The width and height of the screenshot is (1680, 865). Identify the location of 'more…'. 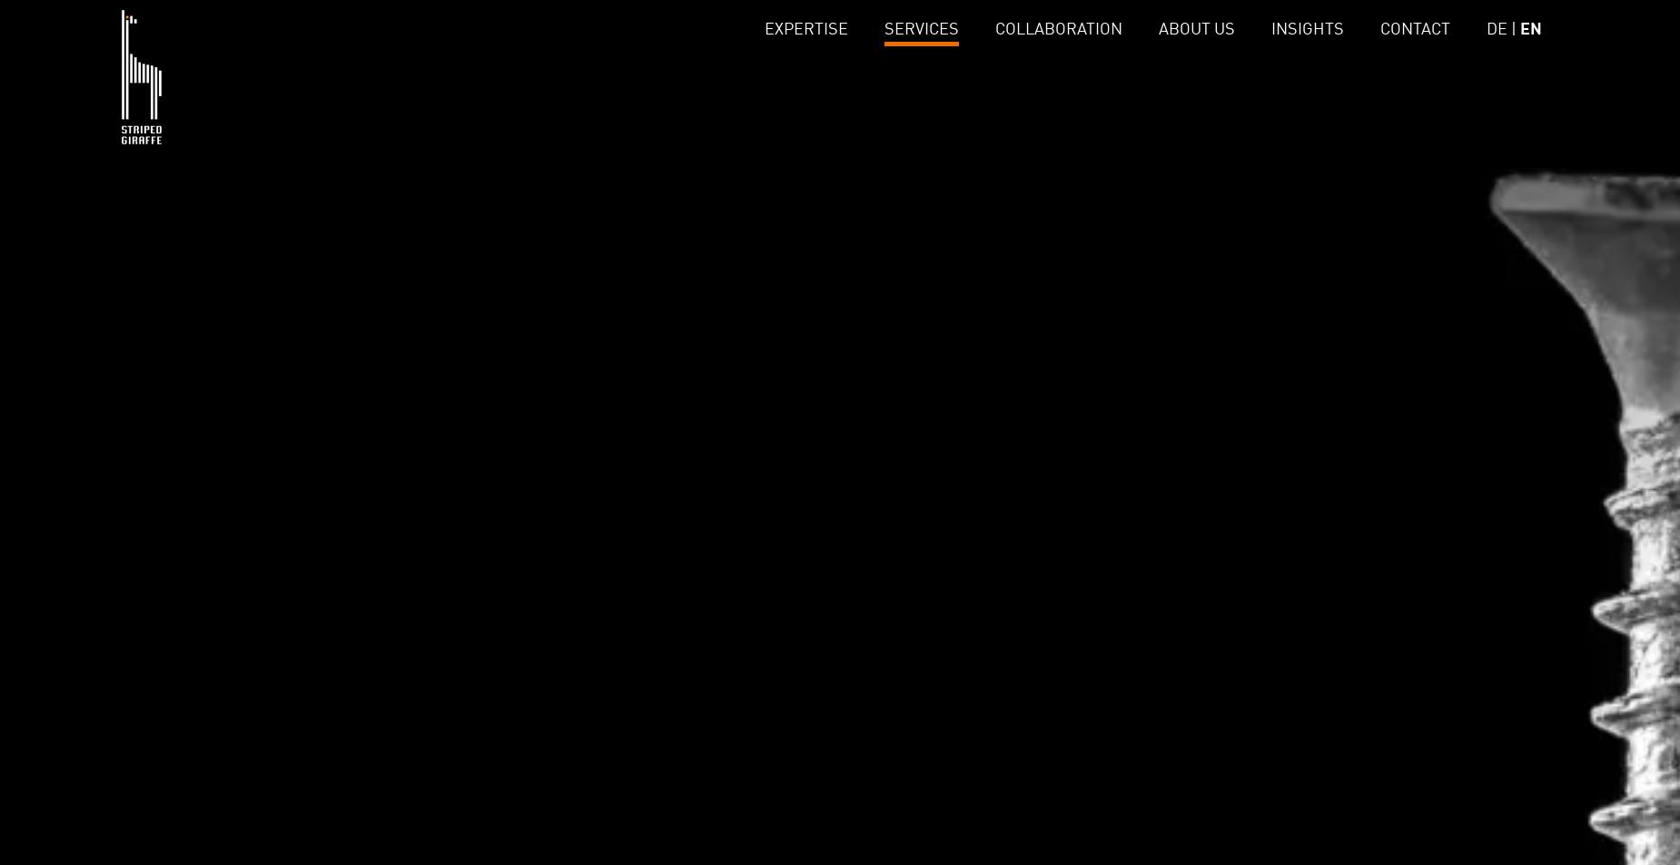
(653, 162).